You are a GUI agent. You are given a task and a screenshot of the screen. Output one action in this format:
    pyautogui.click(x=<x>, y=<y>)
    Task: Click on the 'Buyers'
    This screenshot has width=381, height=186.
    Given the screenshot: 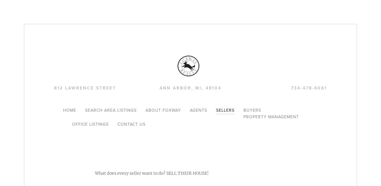 What is the action you would take?
    pyautogui.click(x=252, y=110)
    